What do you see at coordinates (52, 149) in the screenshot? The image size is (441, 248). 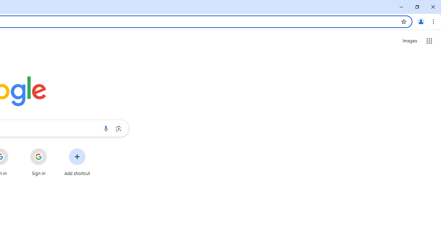 I see `'More actions for Sign in shortcut'` at bounding box center [52, 149].